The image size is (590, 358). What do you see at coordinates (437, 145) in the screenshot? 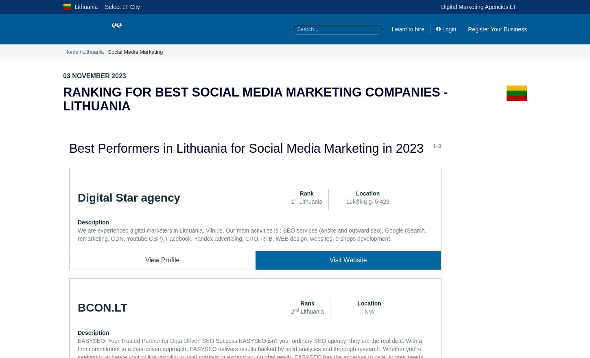
I see `'1-3'` at bounding box center [437, 145].